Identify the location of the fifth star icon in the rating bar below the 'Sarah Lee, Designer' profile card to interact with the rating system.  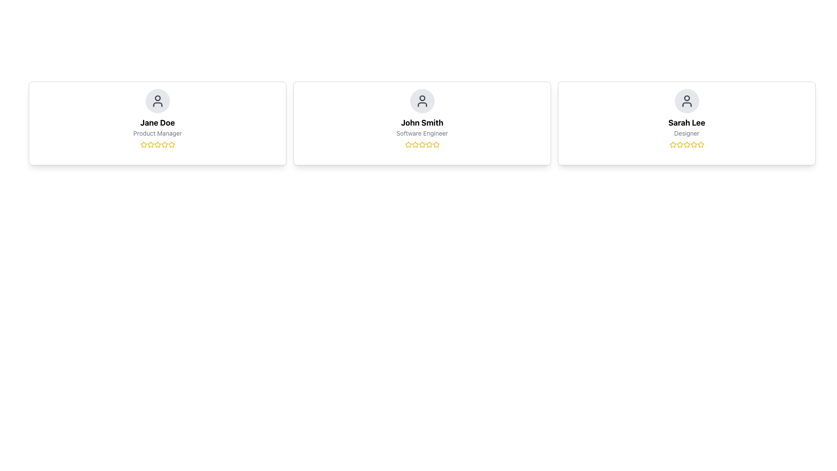
(701, 144).